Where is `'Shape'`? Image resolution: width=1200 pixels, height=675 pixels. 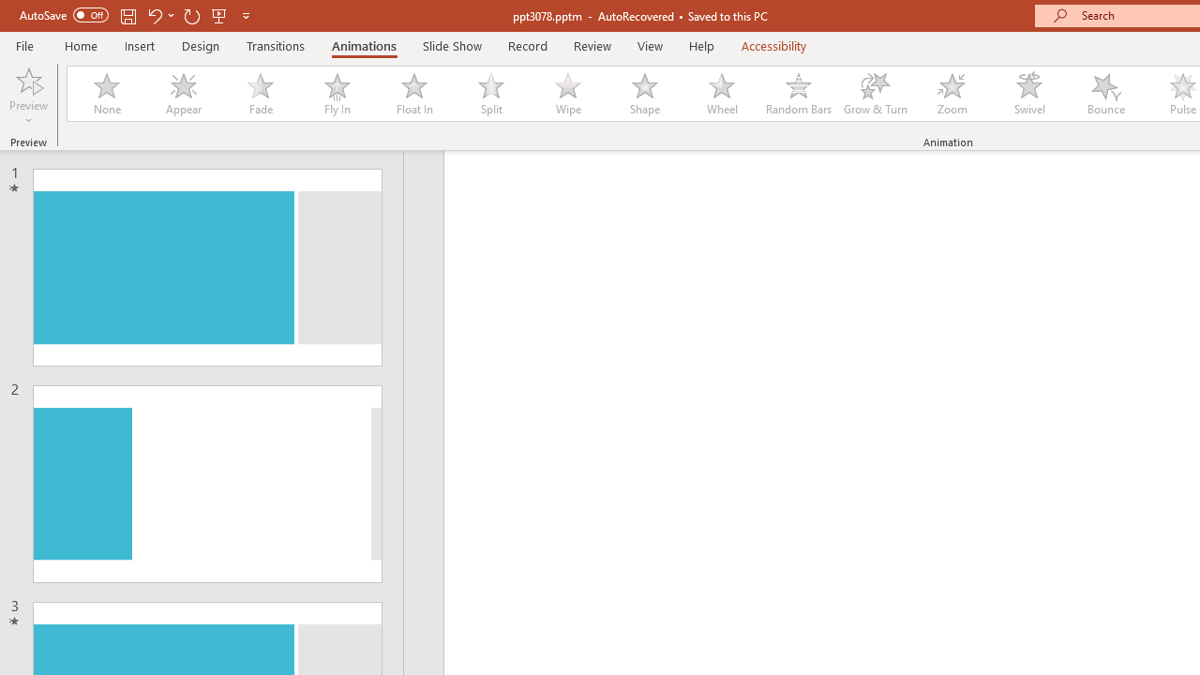 'Shape' is located at coordinates (645, 94).